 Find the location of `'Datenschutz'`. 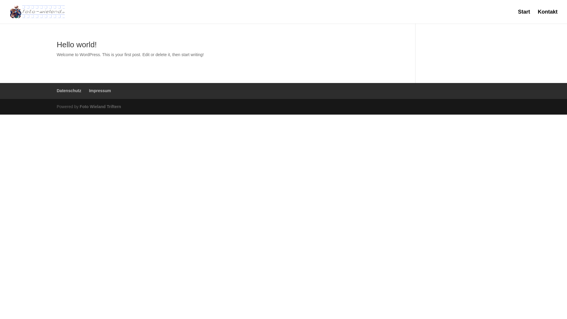

'Datenschutz' is located at coordinates (69, 91).